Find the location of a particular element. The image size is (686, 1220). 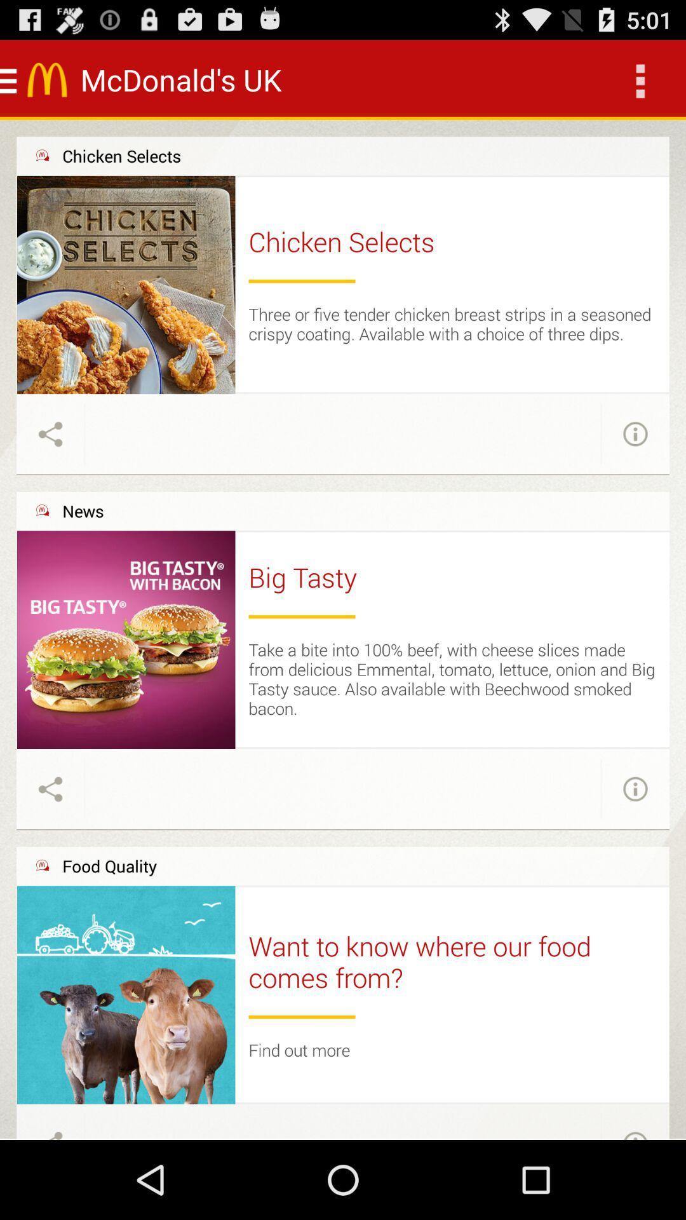

the find out more icon is located at coordinates (299, 1050).